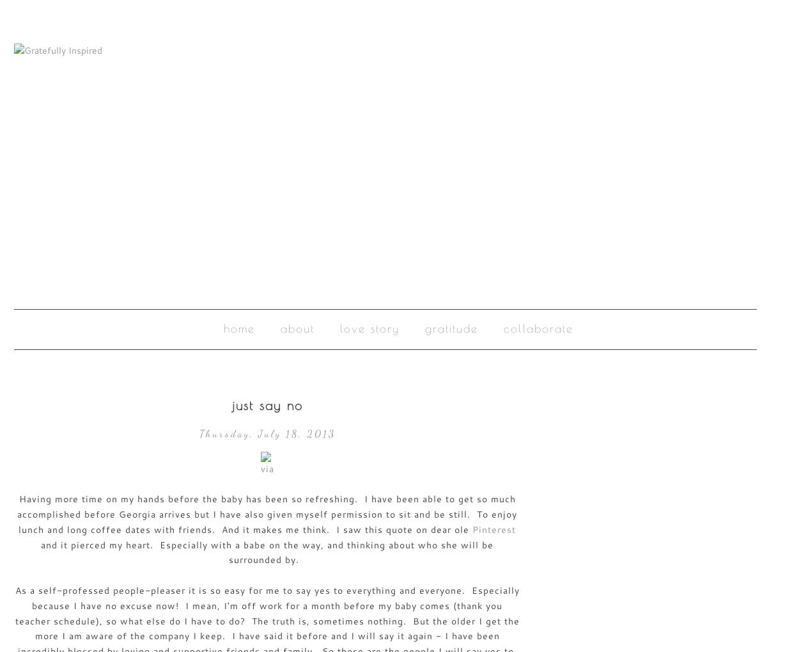 This screenshot has width=785, height=652. I want to click on 'Love Story', so click(368, 328).